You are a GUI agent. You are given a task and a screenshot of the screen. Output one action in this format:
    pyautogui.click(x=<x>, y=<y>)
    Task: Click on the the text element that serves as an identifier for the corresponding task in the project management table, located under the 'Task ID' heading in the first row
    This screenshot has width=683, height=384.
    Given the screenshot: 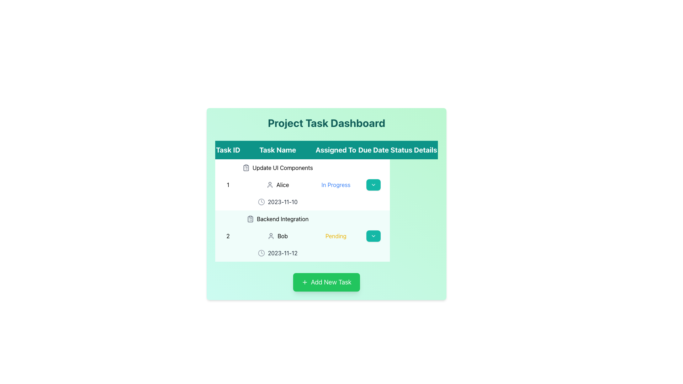 What is the action you would take?
    pyautogui.click(x=228, y=185)
    